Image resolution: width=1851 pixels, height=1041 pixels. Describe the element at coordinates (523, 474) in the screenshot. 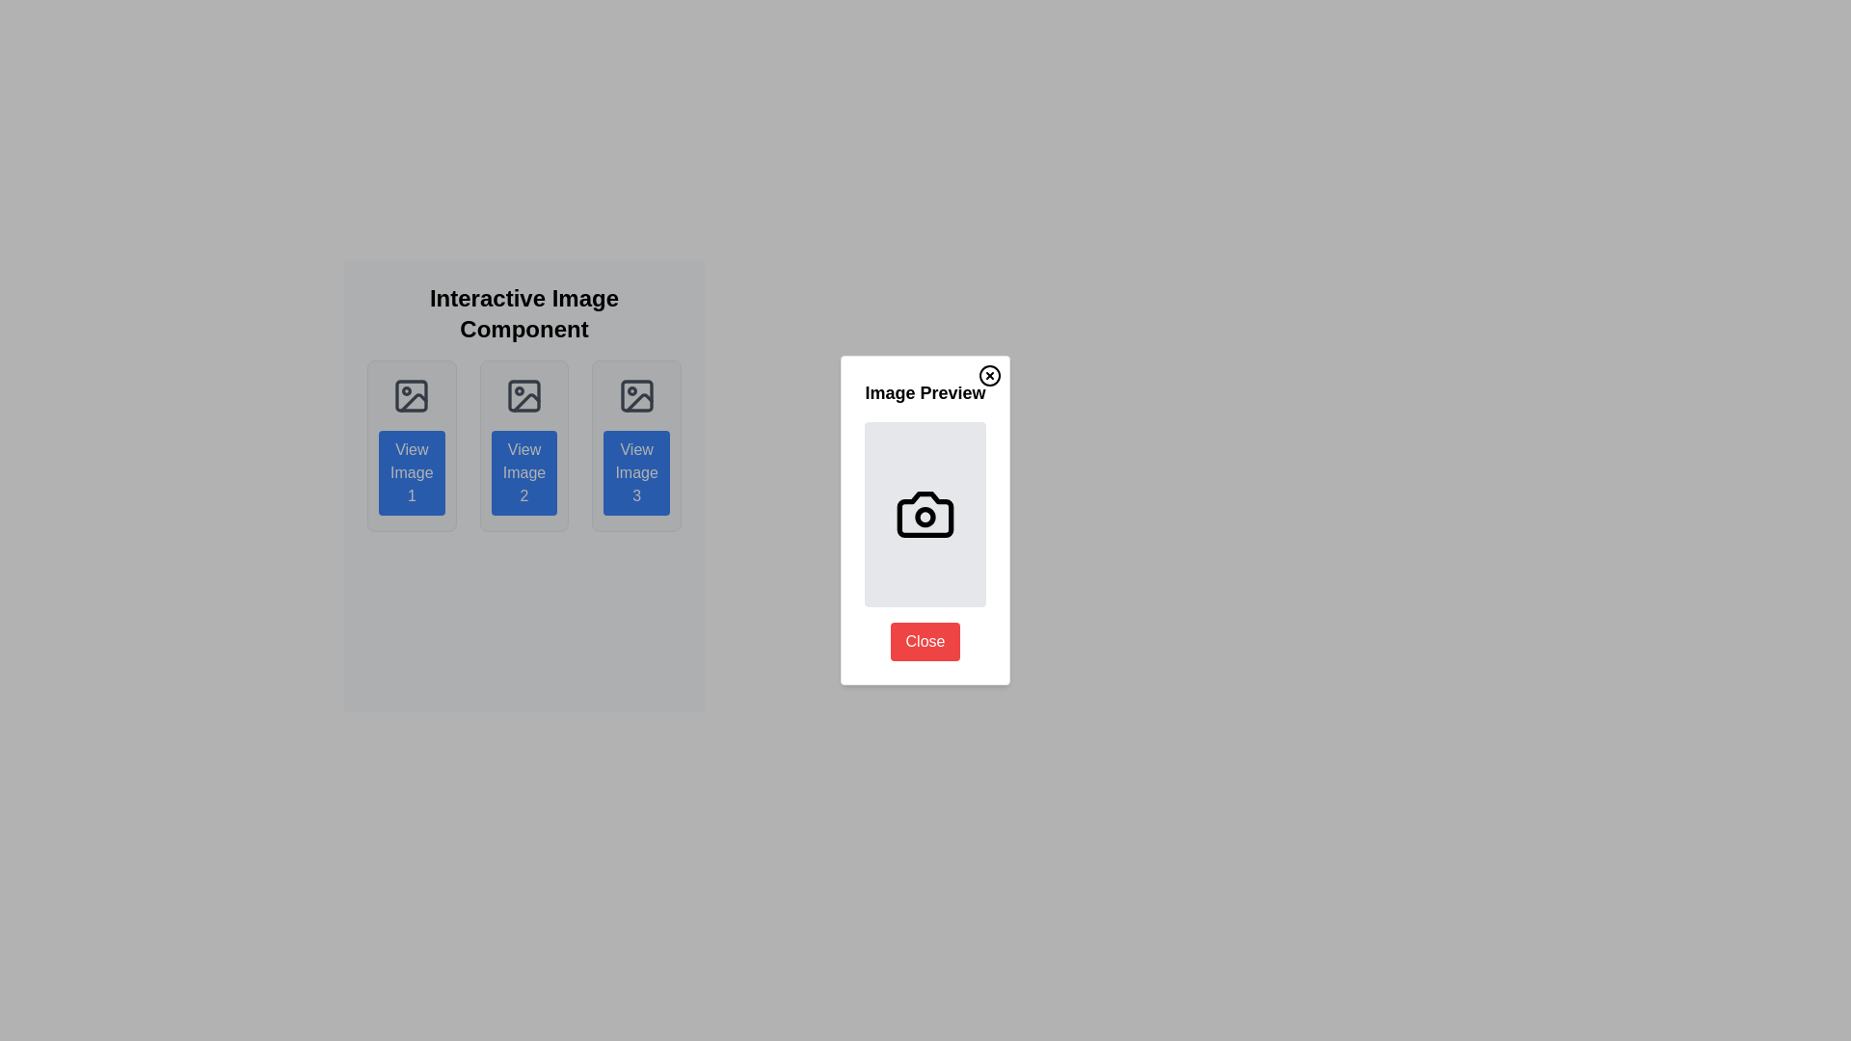

I see `the middle button below the heading 'Interactive Image Component'` at that location.